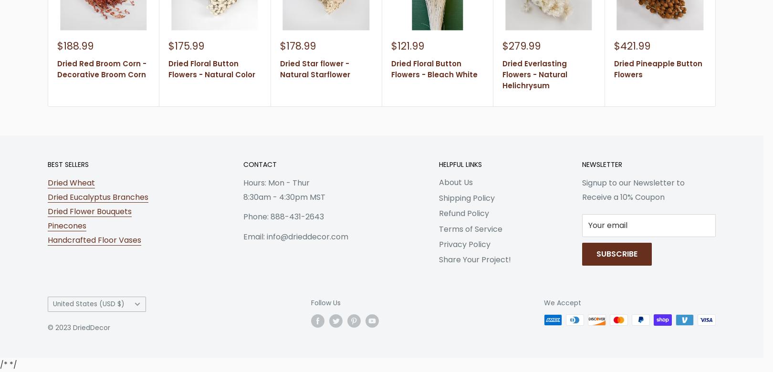 Image resolution: width=773 pixels, height=372 pixels. I want to click on 'Israel (ILS ₪)', so click(64, 305).